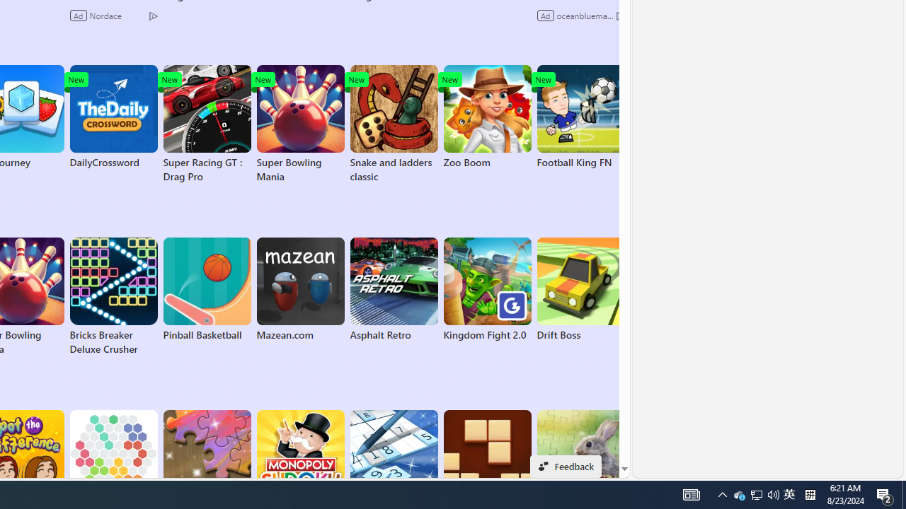  I want to click on 'Class: ad-choice  ad-choice-mono ', so click(620, 15).